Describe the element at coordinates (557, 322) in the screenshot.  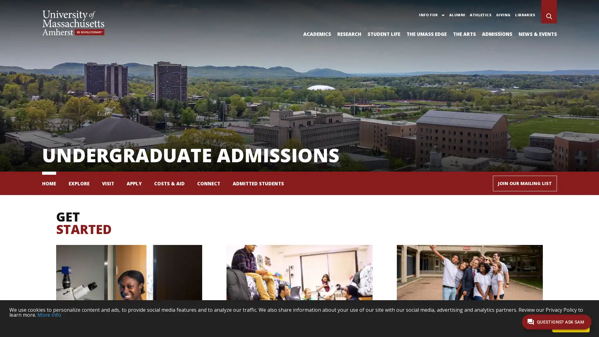
I see `Questions? Ask Sam` at that location.